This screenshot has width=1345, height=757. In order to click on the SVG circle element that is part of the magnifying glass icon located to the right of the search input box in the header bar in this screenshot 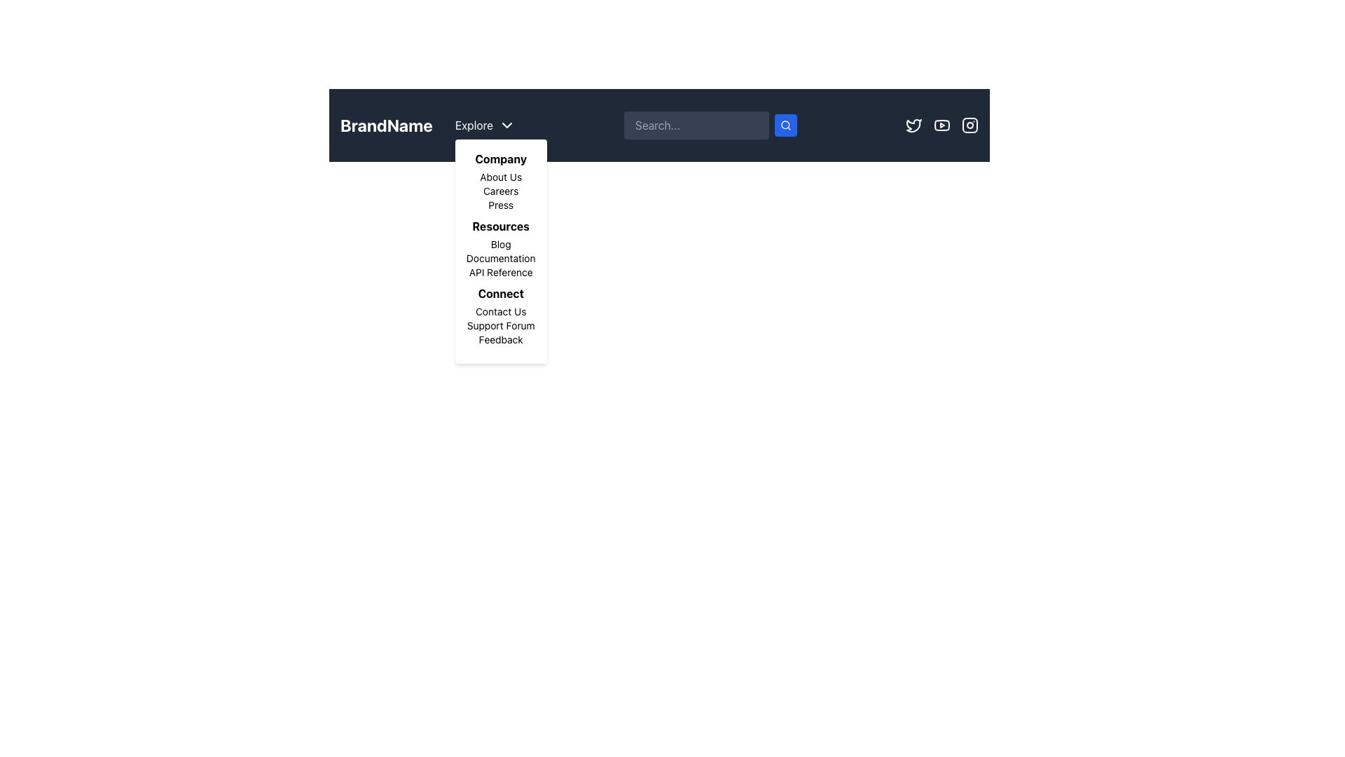, I will do `click(785, 124)`.